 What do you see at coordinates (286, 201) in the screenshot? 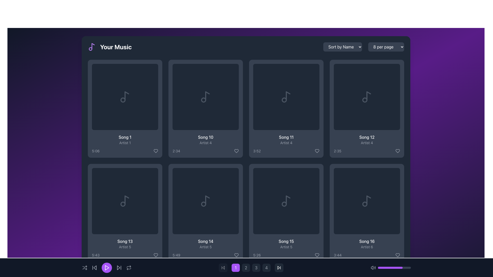
I see `the interactive tile representing 'Song 15' in the bottom right corner of the grid layout` at bounding box center [286, 201].